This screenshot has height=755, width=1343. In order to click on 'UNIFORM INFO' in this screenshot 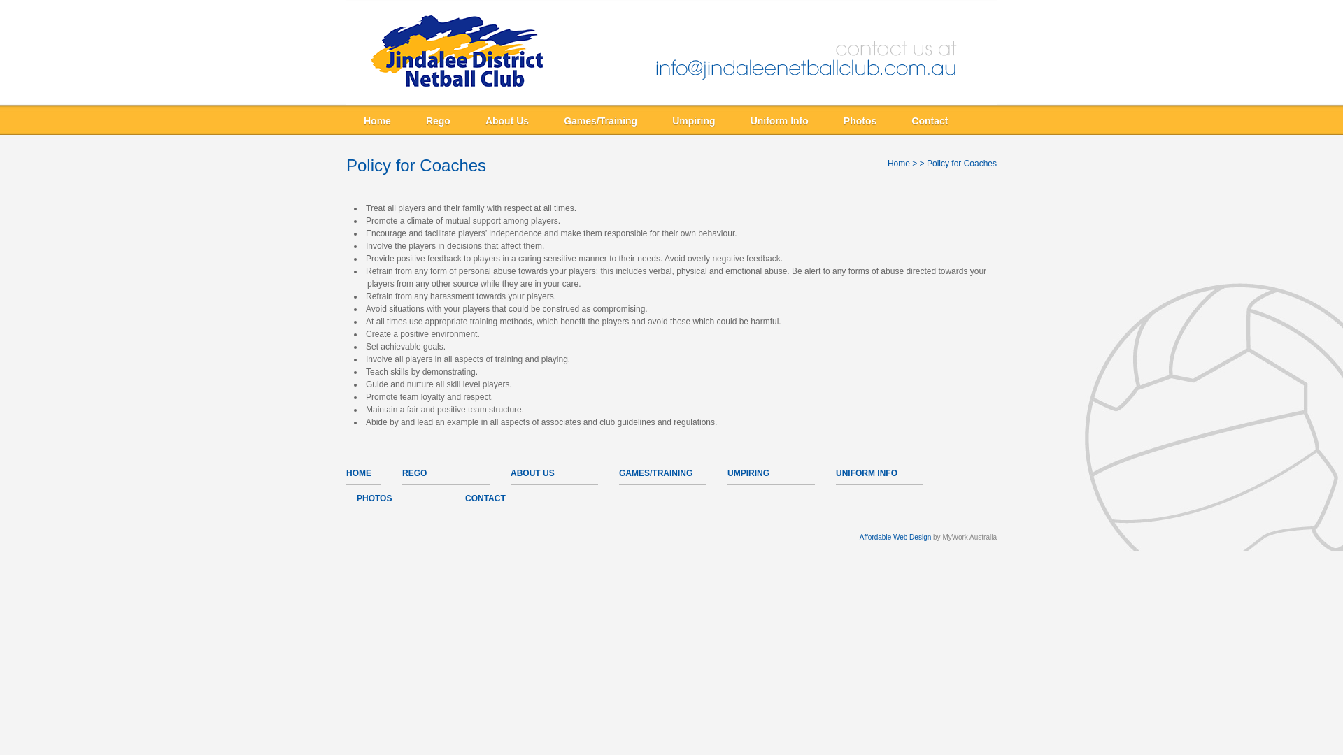, I will do `click(865, 473)`.